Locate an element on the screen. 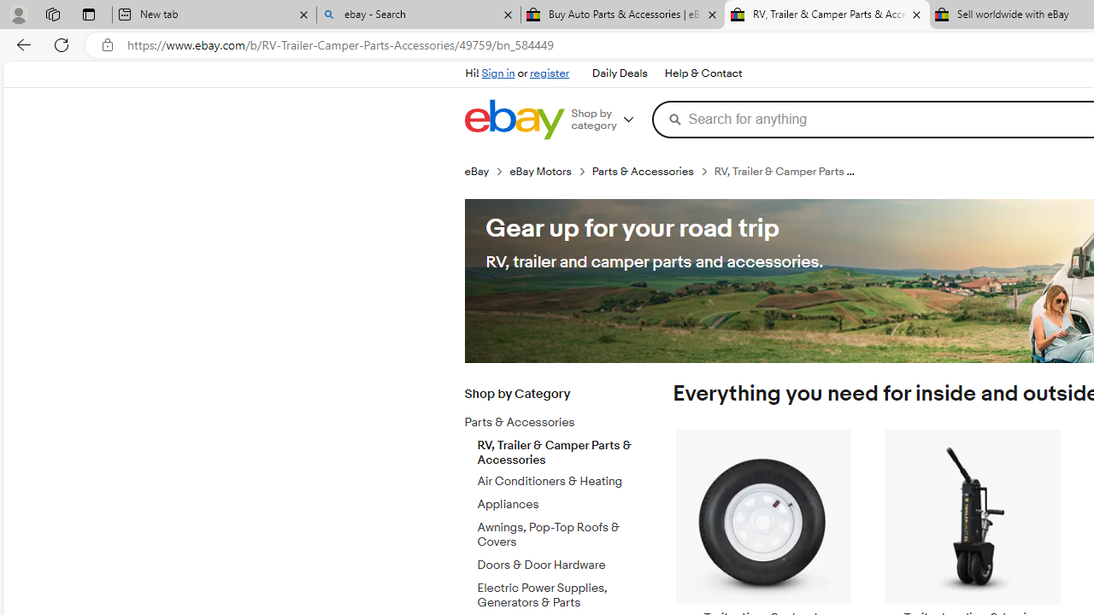 The image size is (1094, 615). 'register' is located at coordinates (550, 73).